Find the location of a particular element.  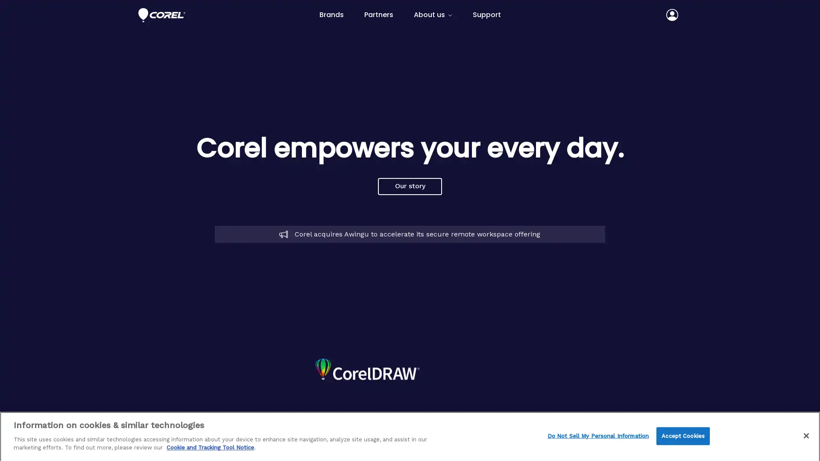

Close is located at coordinates (805, 435).